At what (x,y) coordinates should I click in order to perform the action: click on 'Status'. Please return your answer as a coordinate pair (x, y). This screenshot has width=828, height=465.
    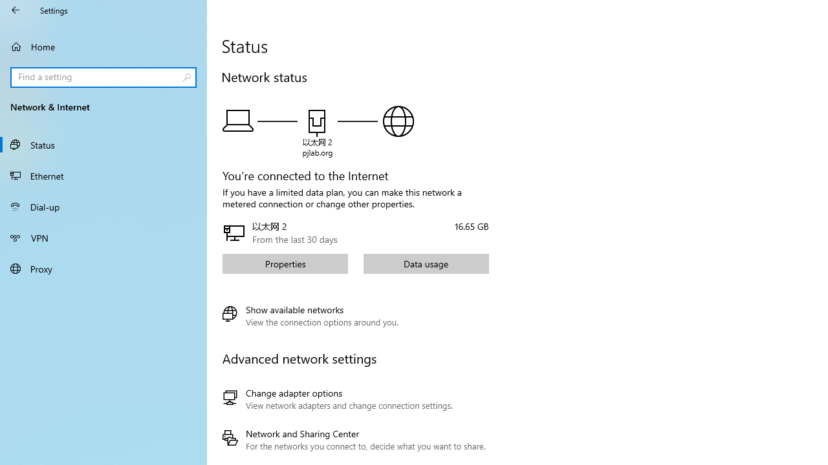
    Looking at the image, I should click on (103, 144).